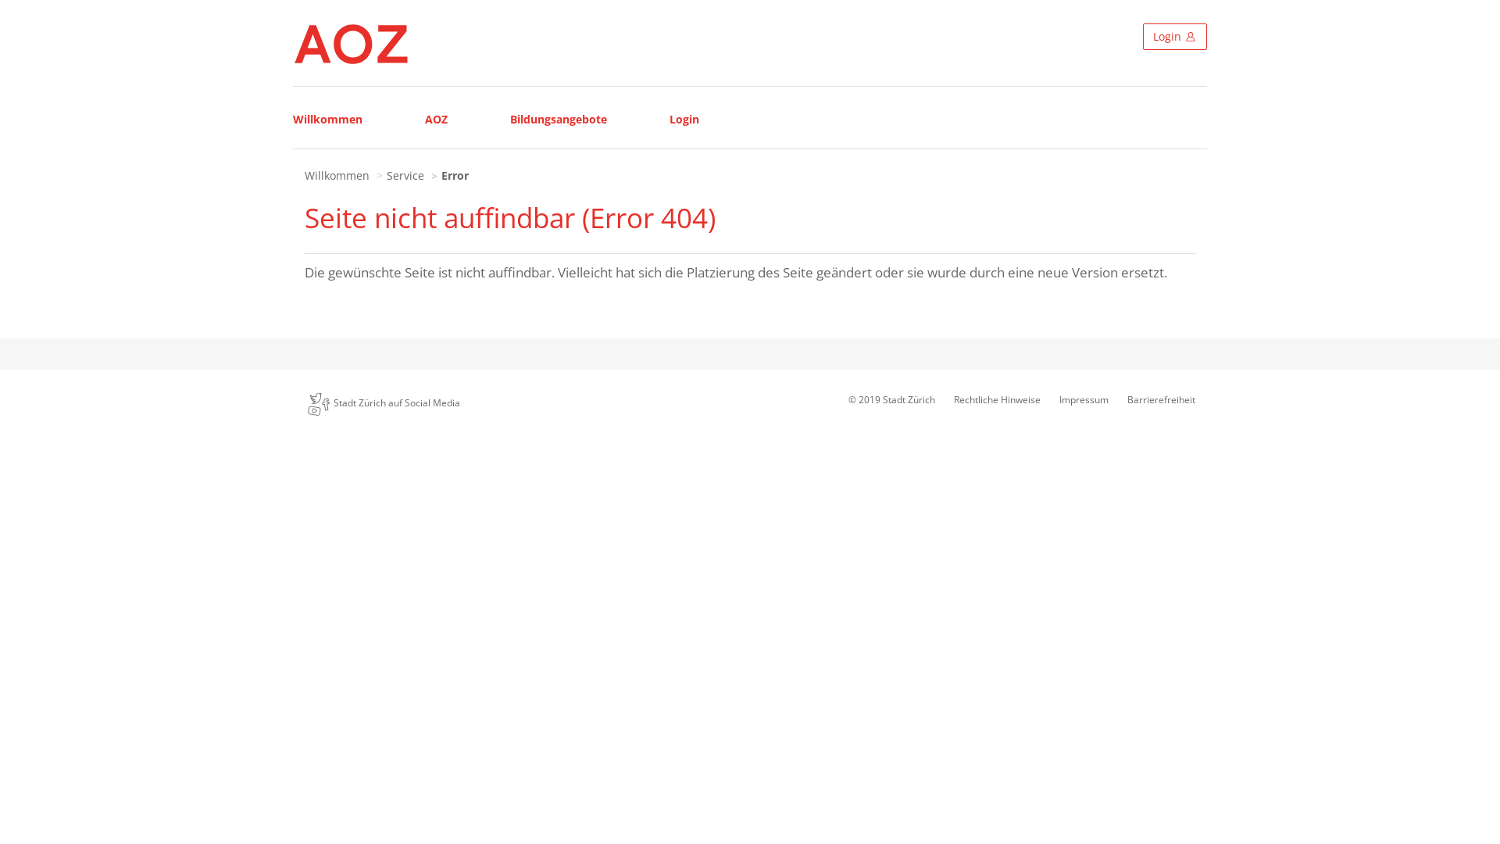  Describe the element at coordinates (1083, 399) in the screenshot. I see `'Impressum'` at that location.